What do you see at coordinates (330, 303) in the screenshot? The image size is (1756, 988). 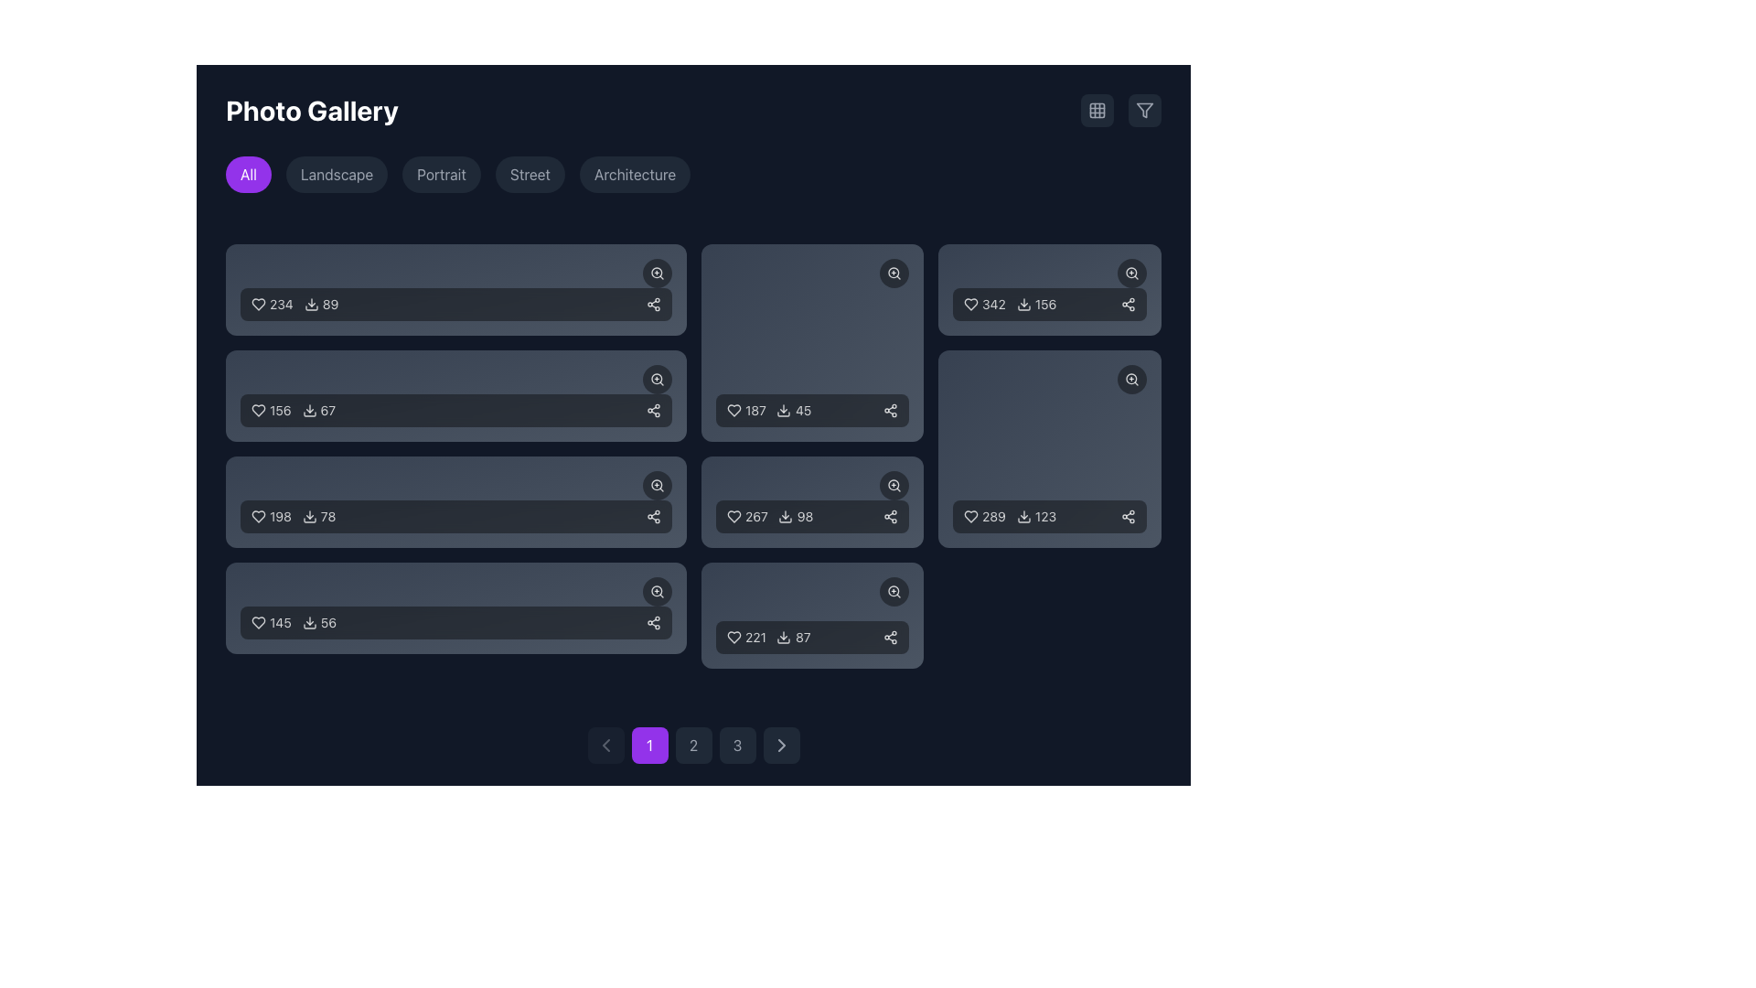 I see `numerical indicator displayed in the text label positioned in the upper left section of the layout, adjacent to the download icon` at bounding box center [330, 303].